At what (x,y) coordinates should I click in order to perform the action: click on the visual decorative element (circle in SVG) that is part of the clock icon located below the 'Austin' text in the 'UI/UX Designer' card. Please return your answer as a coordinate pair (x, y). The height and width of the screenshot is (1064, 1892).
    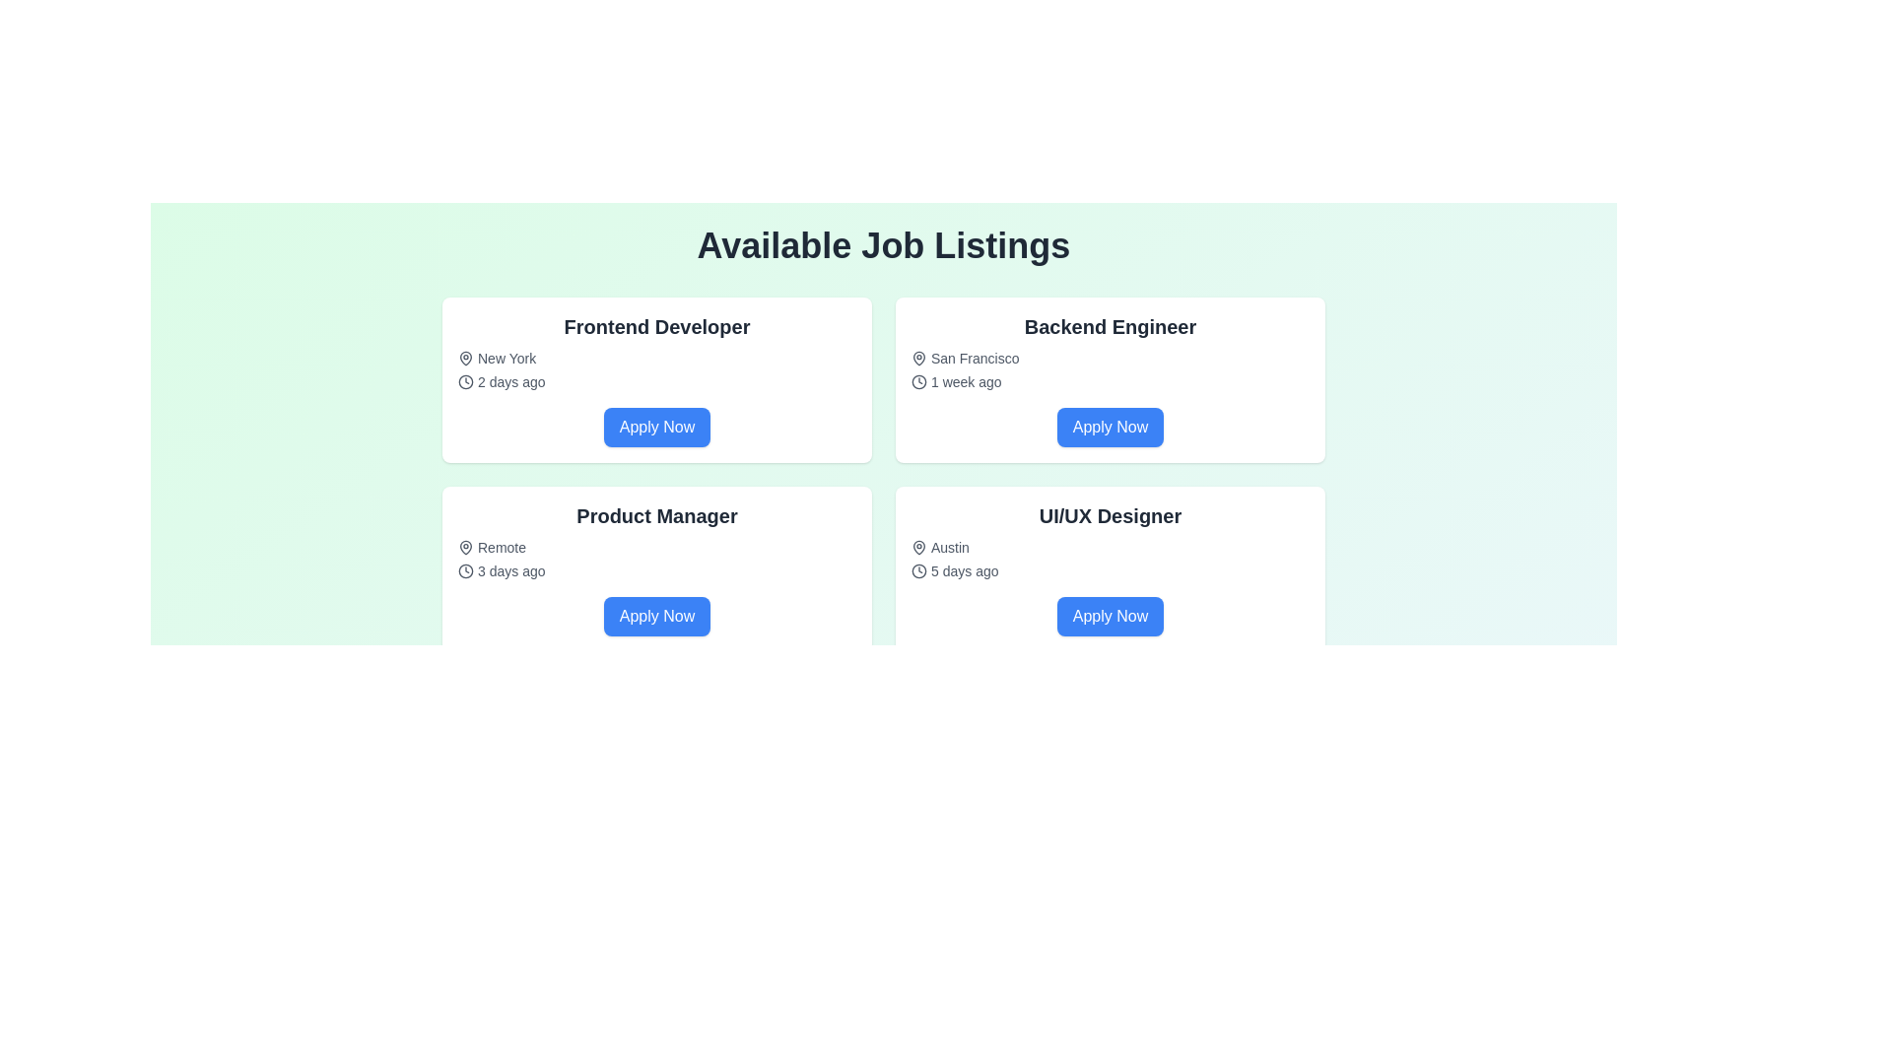
    Looking at the image, I should click on (917, 570).